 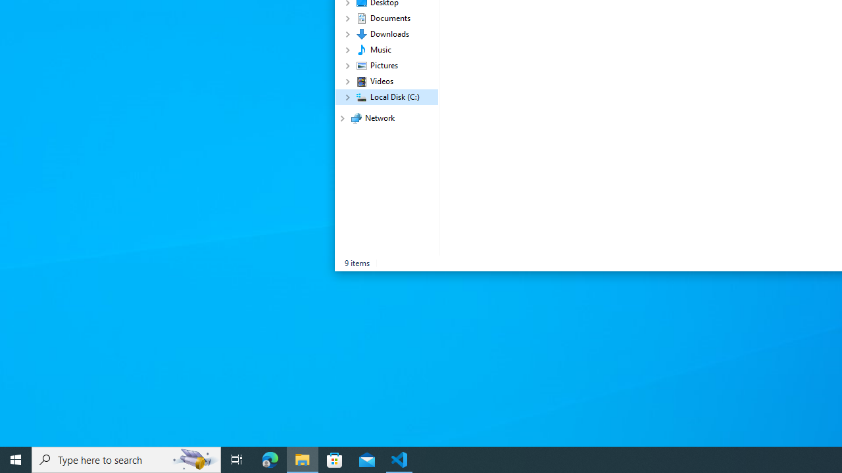 What do you see at coordinates (126, 459) in the screenshot?
I see `'Type here to search'` at bounding box center [126, 459].